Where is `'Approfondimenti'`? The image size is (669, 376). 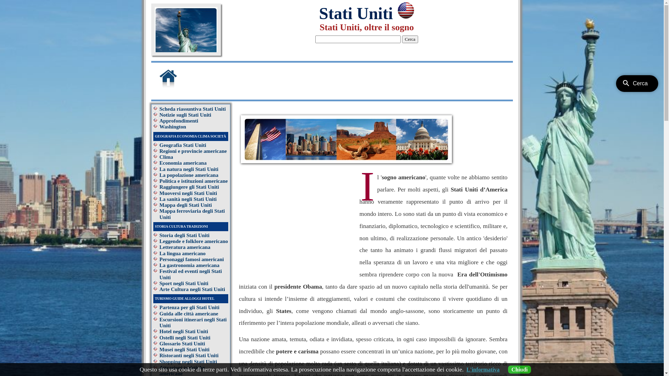 'Approfondimenti' is located at coordinates (179, 120).